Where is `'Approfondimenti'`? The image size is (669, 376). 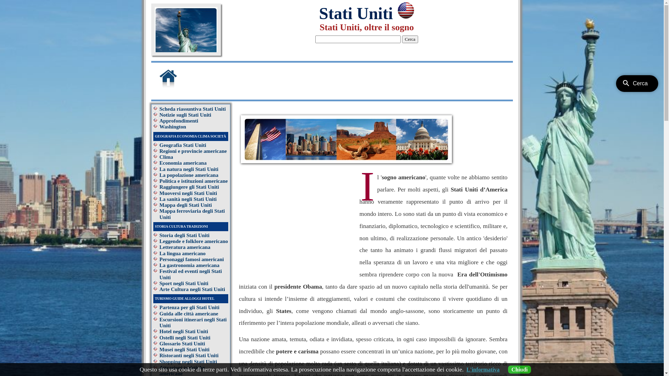 'Approfondimenti' is located at coordinates (179, 120).